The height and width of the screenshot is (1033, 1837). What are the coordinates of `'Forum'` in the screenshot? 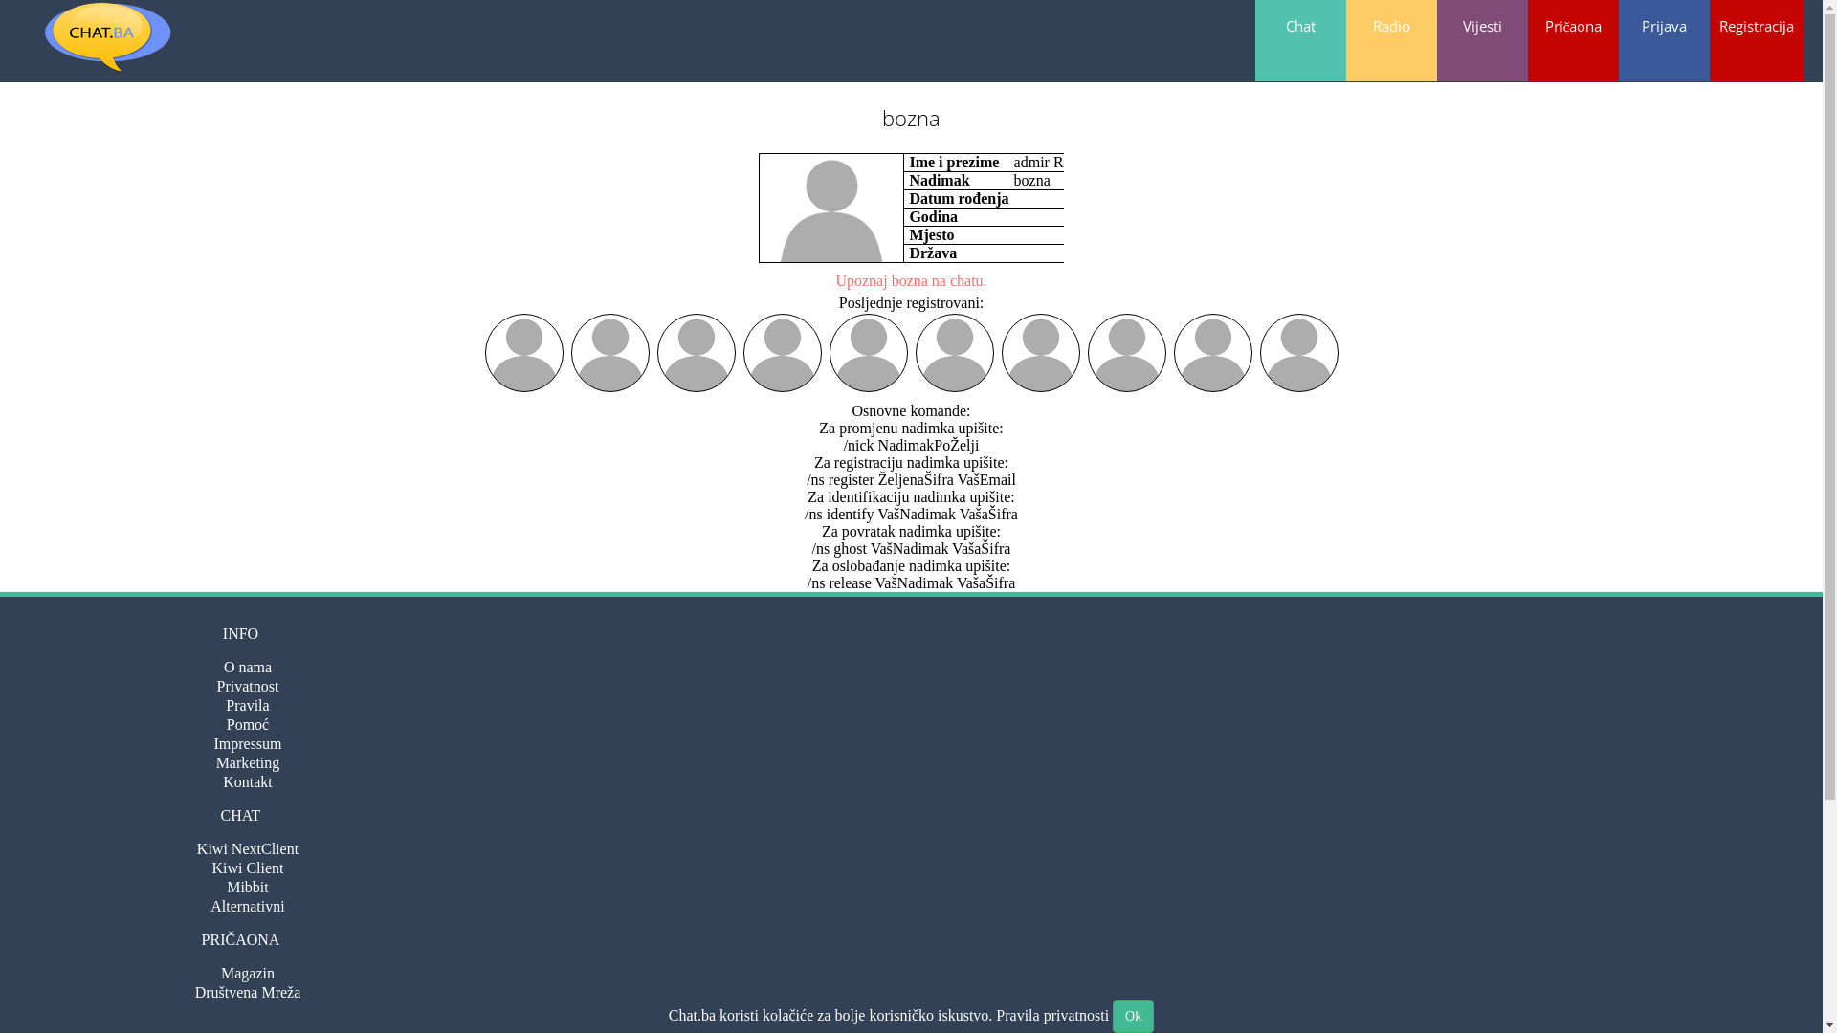 It's located at (247, 1010).